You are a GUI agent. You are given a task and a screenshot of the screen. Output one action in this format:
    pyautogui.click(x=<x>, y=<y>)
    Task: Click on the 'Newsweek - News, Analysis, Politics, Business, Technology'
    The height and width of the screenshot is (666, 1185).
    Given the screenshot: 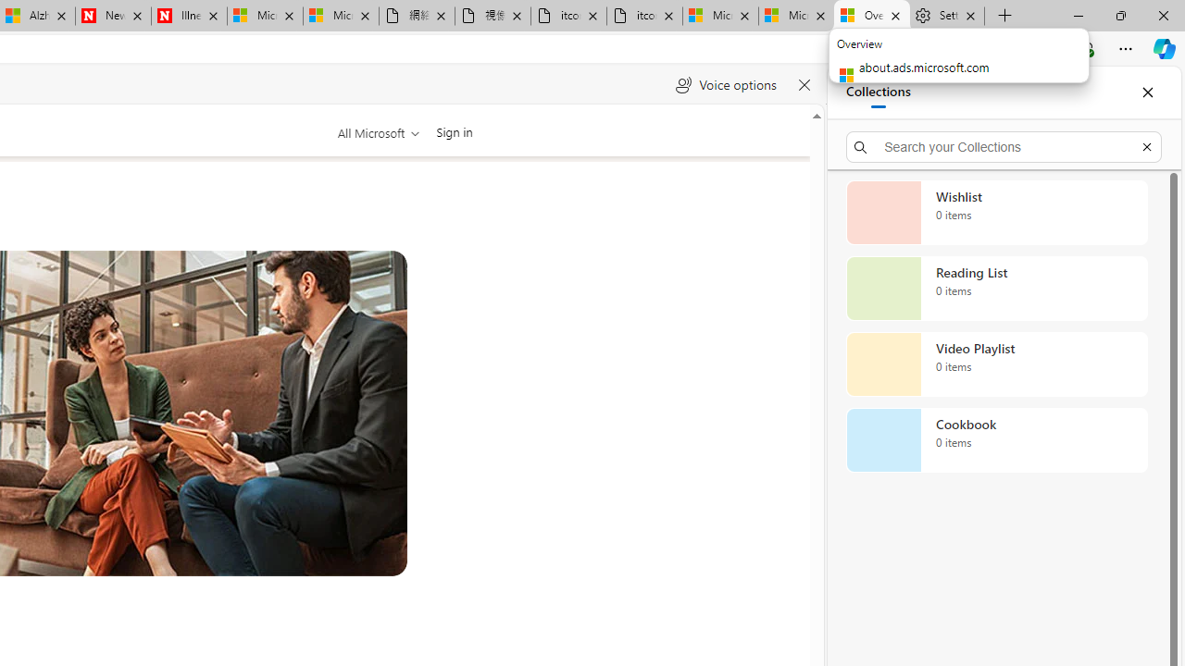 What is the action you would take?
    pyautogui.click(x=112, y=16)
    